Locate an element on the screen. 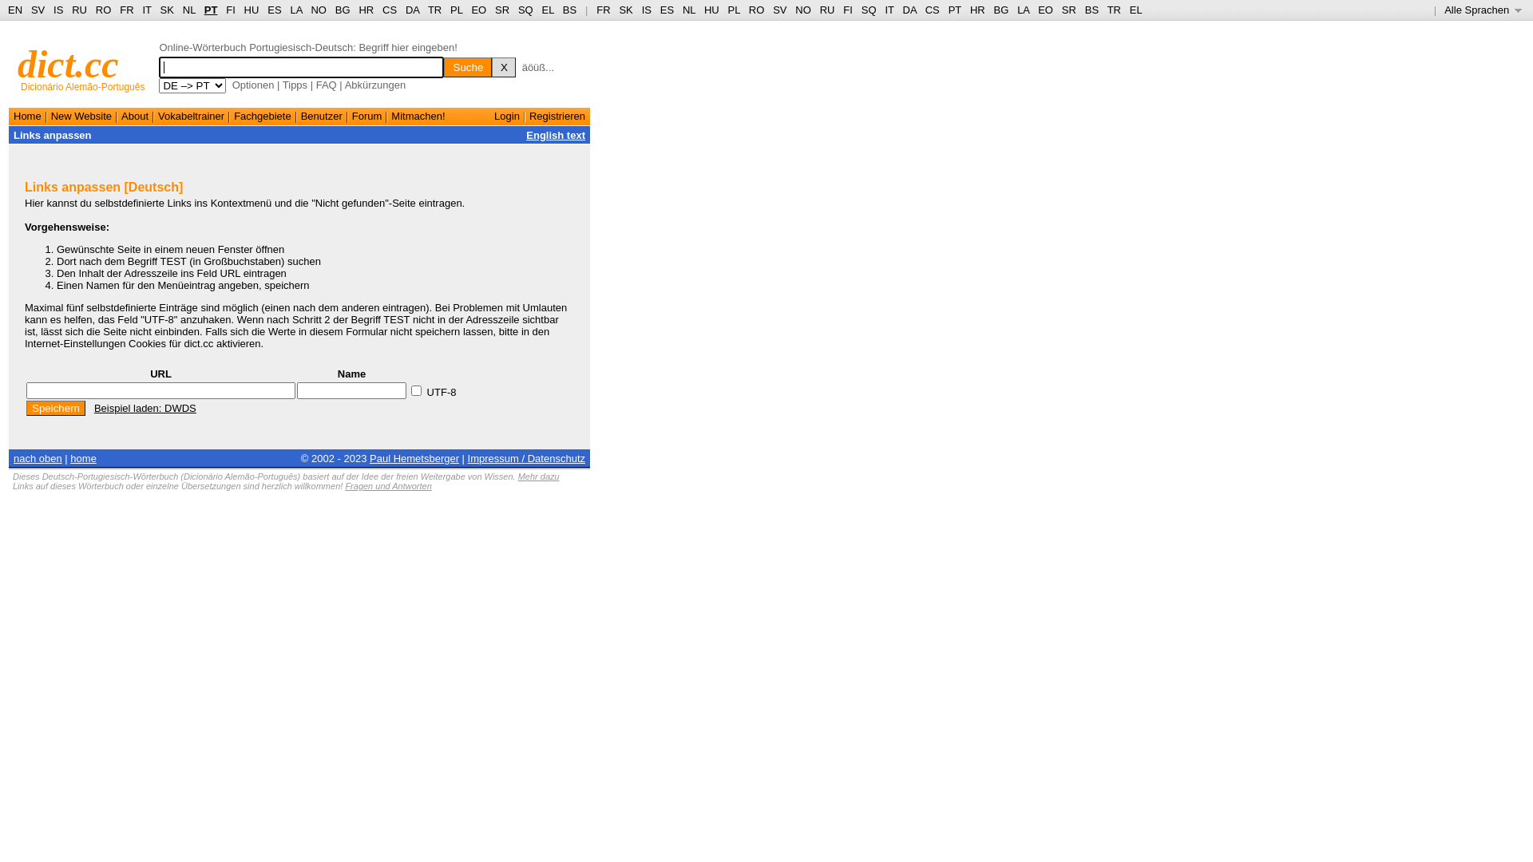 This screenshot has height=862, width=1533. 'RO' is located at coordinates (102, 10).